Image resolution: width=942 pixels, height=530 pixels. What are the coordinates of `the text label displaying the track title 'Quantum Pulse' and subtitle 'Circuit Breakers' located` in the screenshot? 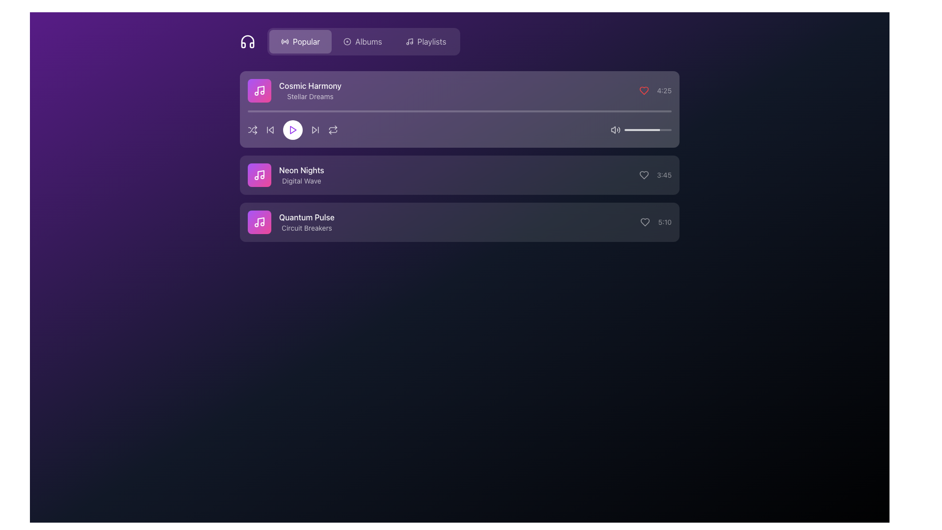 It's located at (306, 222).